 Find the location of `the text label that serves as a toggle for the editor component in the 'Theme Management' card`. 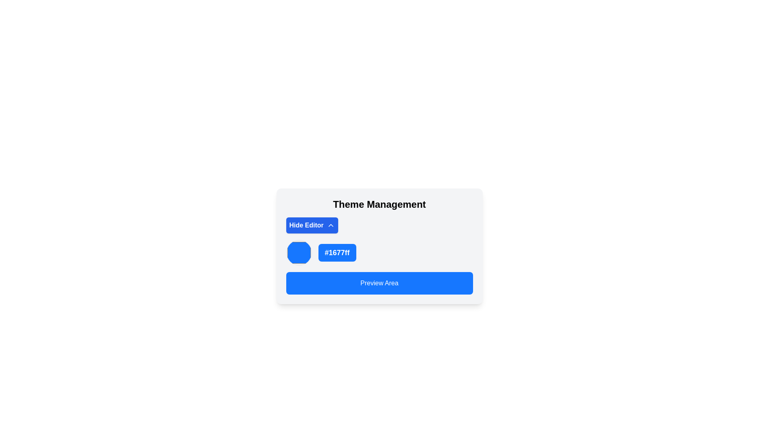

the text label that serves as a toggle for the editor component in the 'Theme Management' card is located at coordinates (306, 225).